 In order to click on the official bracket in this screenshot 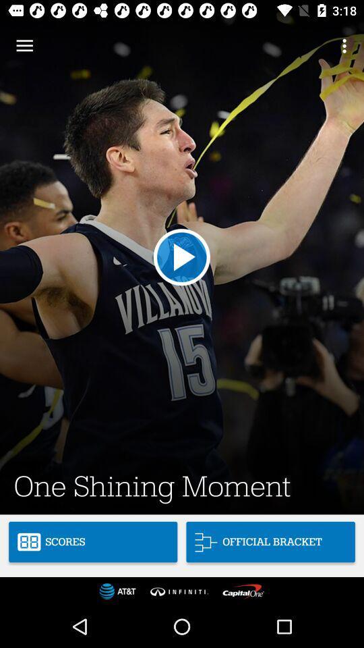, I will do `click(270, 542)`.